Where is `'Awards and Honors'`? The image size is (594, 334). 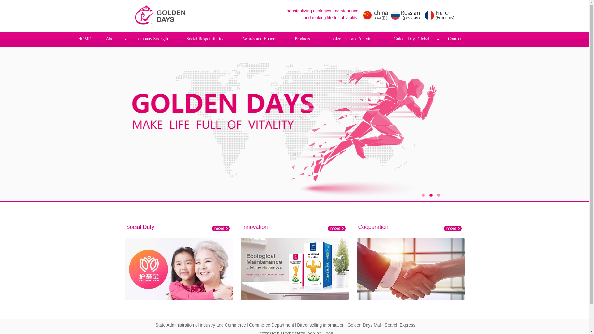 'Awards and Honors' is located at coordinates (232, 39).